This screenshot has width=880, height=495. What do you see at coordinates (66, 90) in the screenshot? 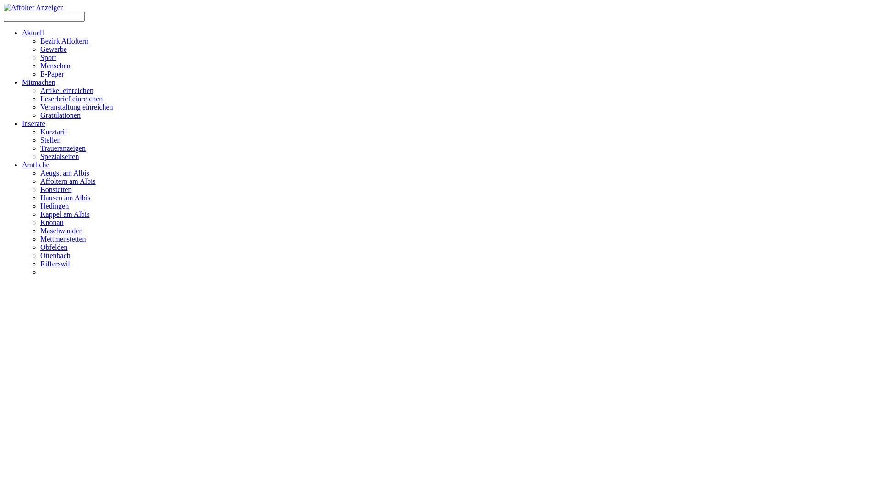
I see `'Artikel einreichen'` at bounding box center [66, 90].